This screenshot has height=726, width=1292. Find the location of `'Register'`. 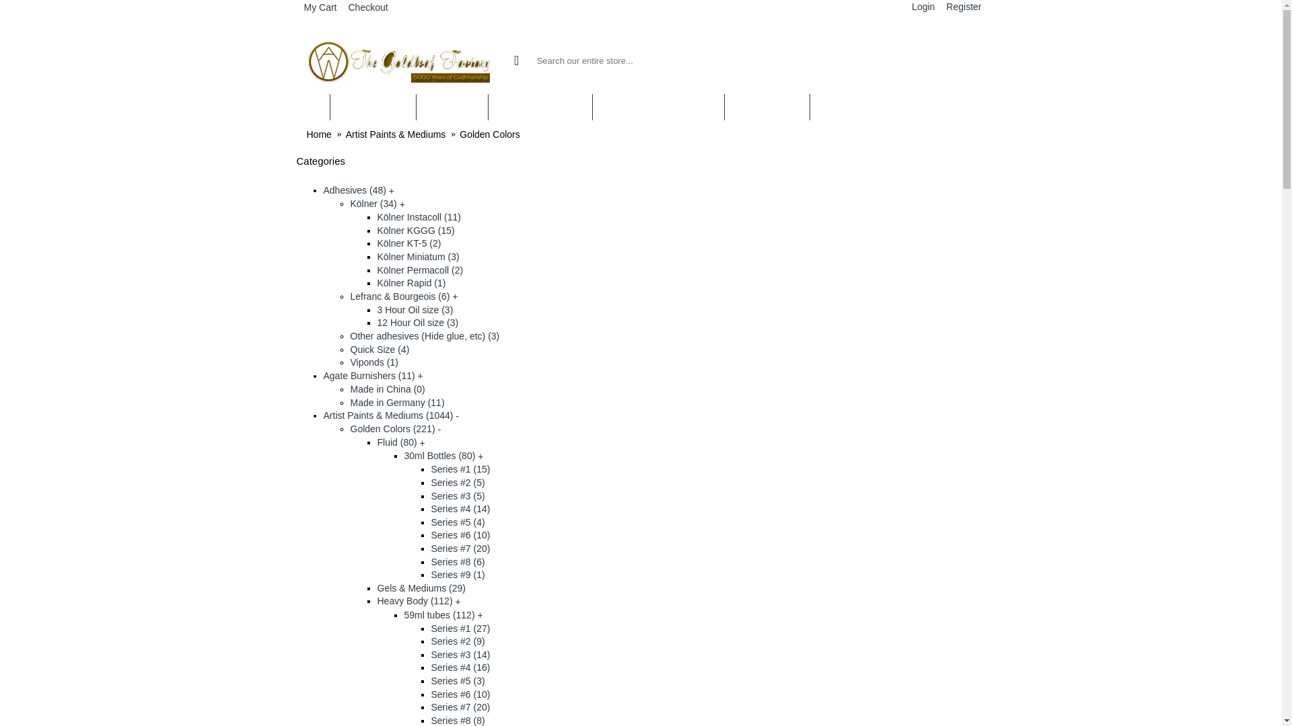

'Register' is located at coordinates (961, 7).